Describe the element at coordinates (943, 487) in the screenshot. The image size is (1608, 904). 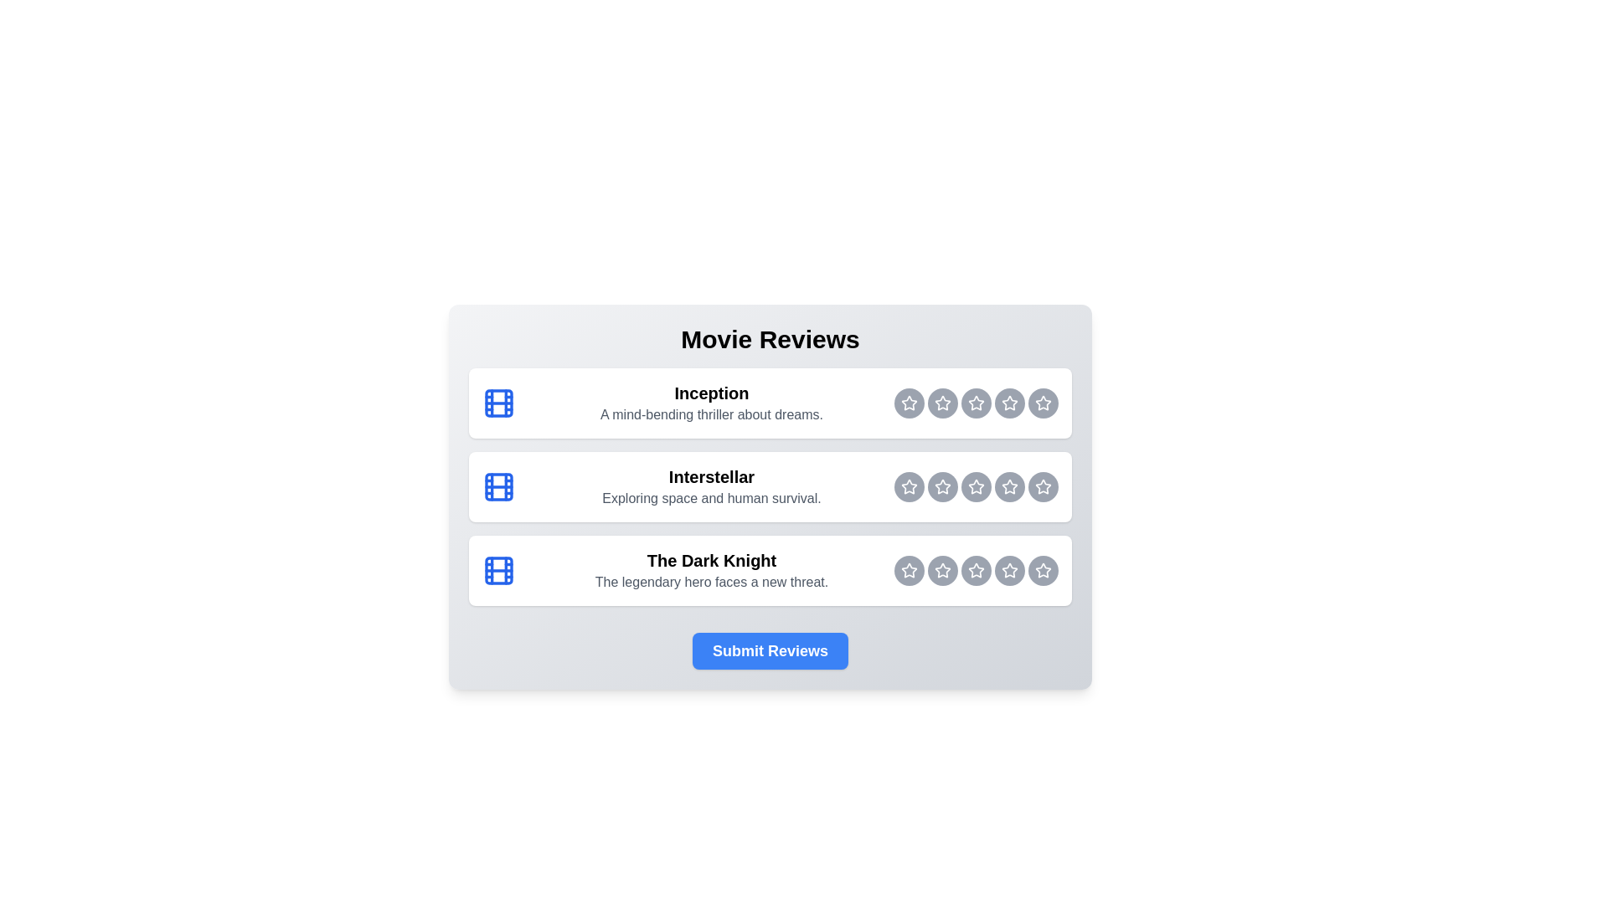
I see `the rating button for Interstellar at 2 stars` at that location.